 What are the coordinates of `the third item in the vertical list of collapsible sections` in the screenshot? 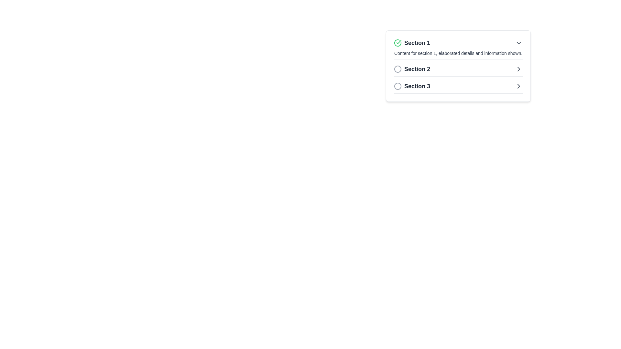 It's located at (458, 86).